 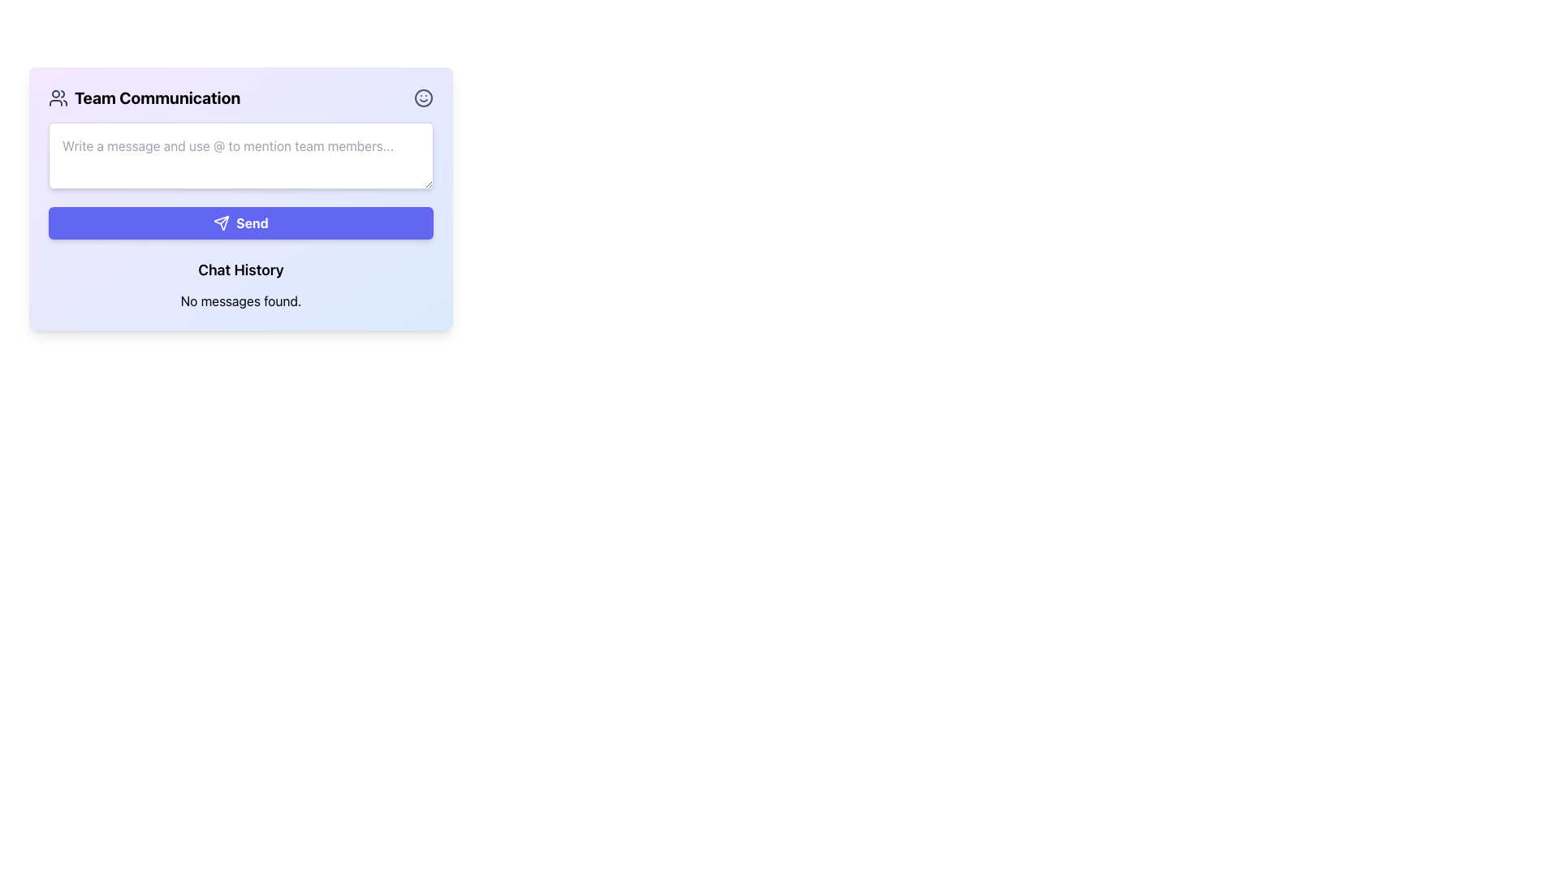 What do you see at coordinates (240, 156) in the screenshot?
I see `the rectangular text input box with a light gray border, which has placeholder text stating 'Write a message and use @ to mention team members...', to focus and start typing` at bounding box center [240, 156].